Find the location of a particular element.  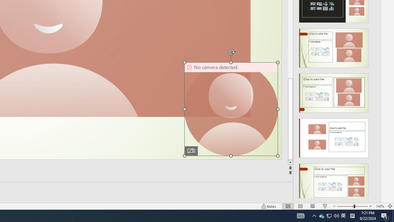

'Design Idea' is located at coordinates (333, 181).